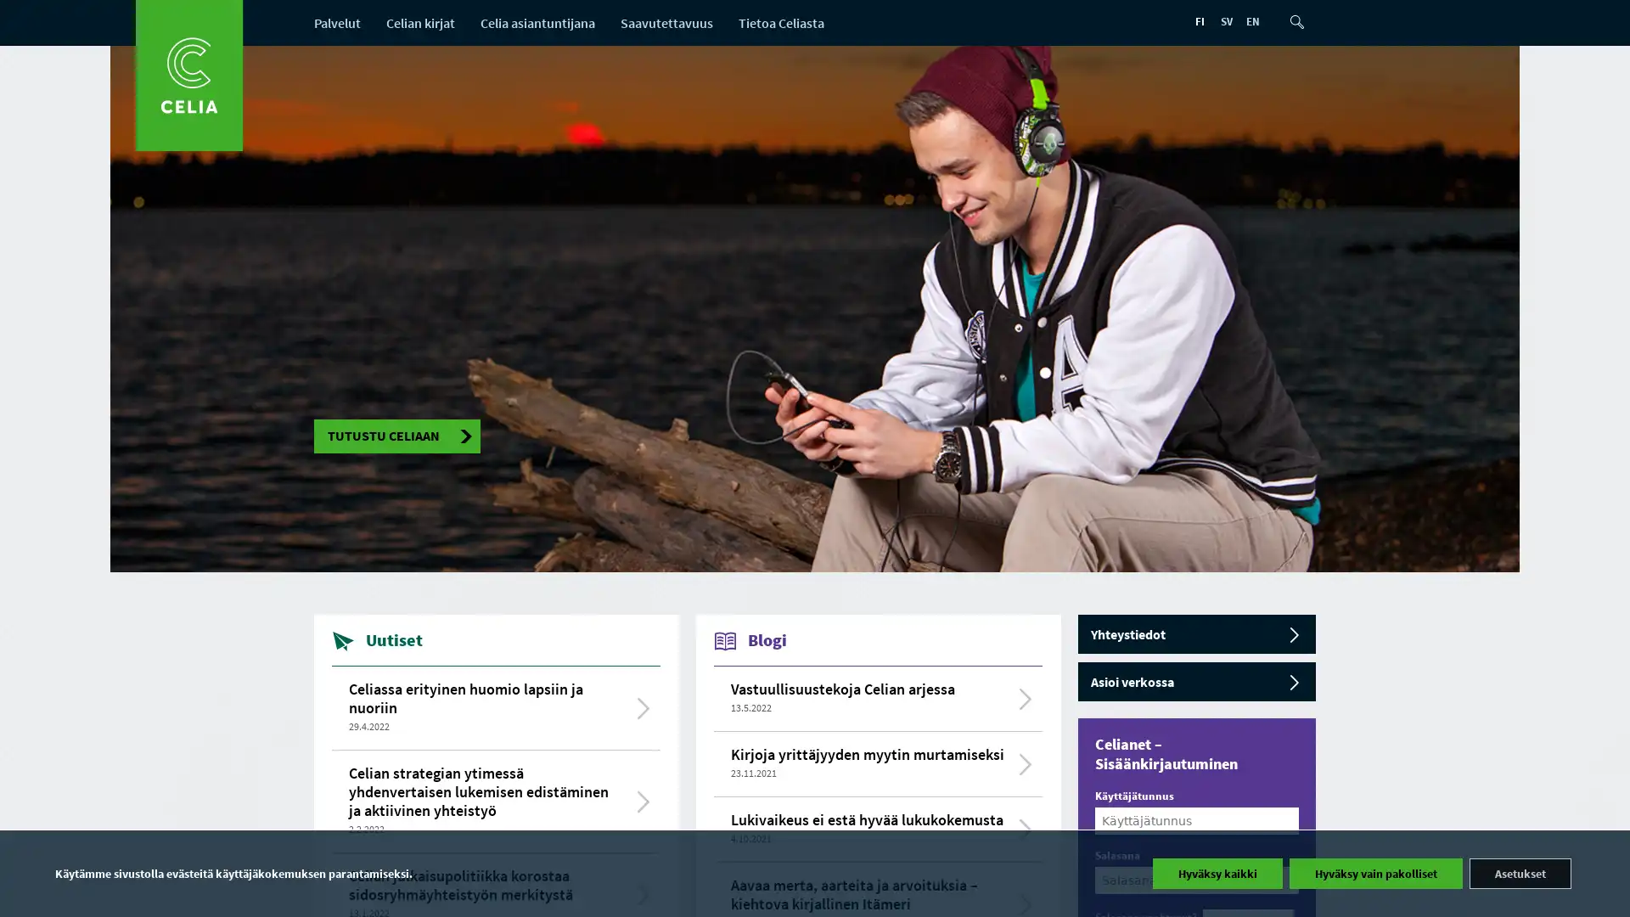 The image size is (1630, 917). What do you see at coordinates (1376, 874) in the screenshot?
I see `Hyvaksy vain pakolliset` at bounding box center [1376, 874].